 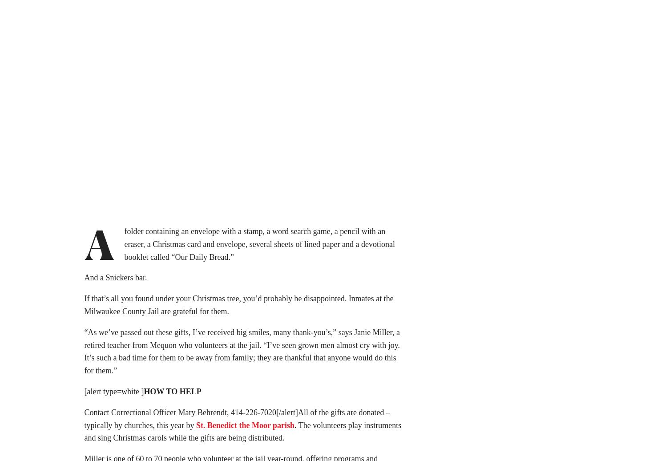 What do you see at coordinates (83, 434) in the screenshot?
I see `'. The volunteers play instruments and sing Christmas carols while the gifts are being distributed.'` at bounding box center [83, 434].